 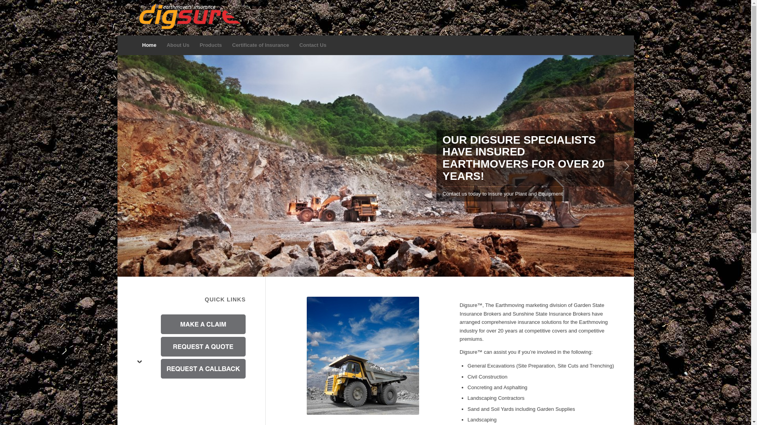 I want to click on 'Products', so click(x=210, y=45).